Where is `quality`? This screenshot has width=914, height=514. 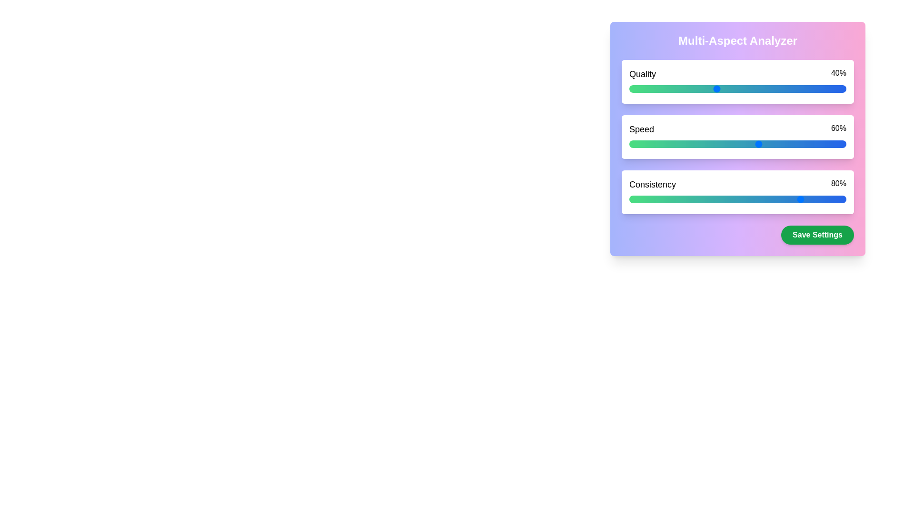 quality is located at coordinates (762, 89).